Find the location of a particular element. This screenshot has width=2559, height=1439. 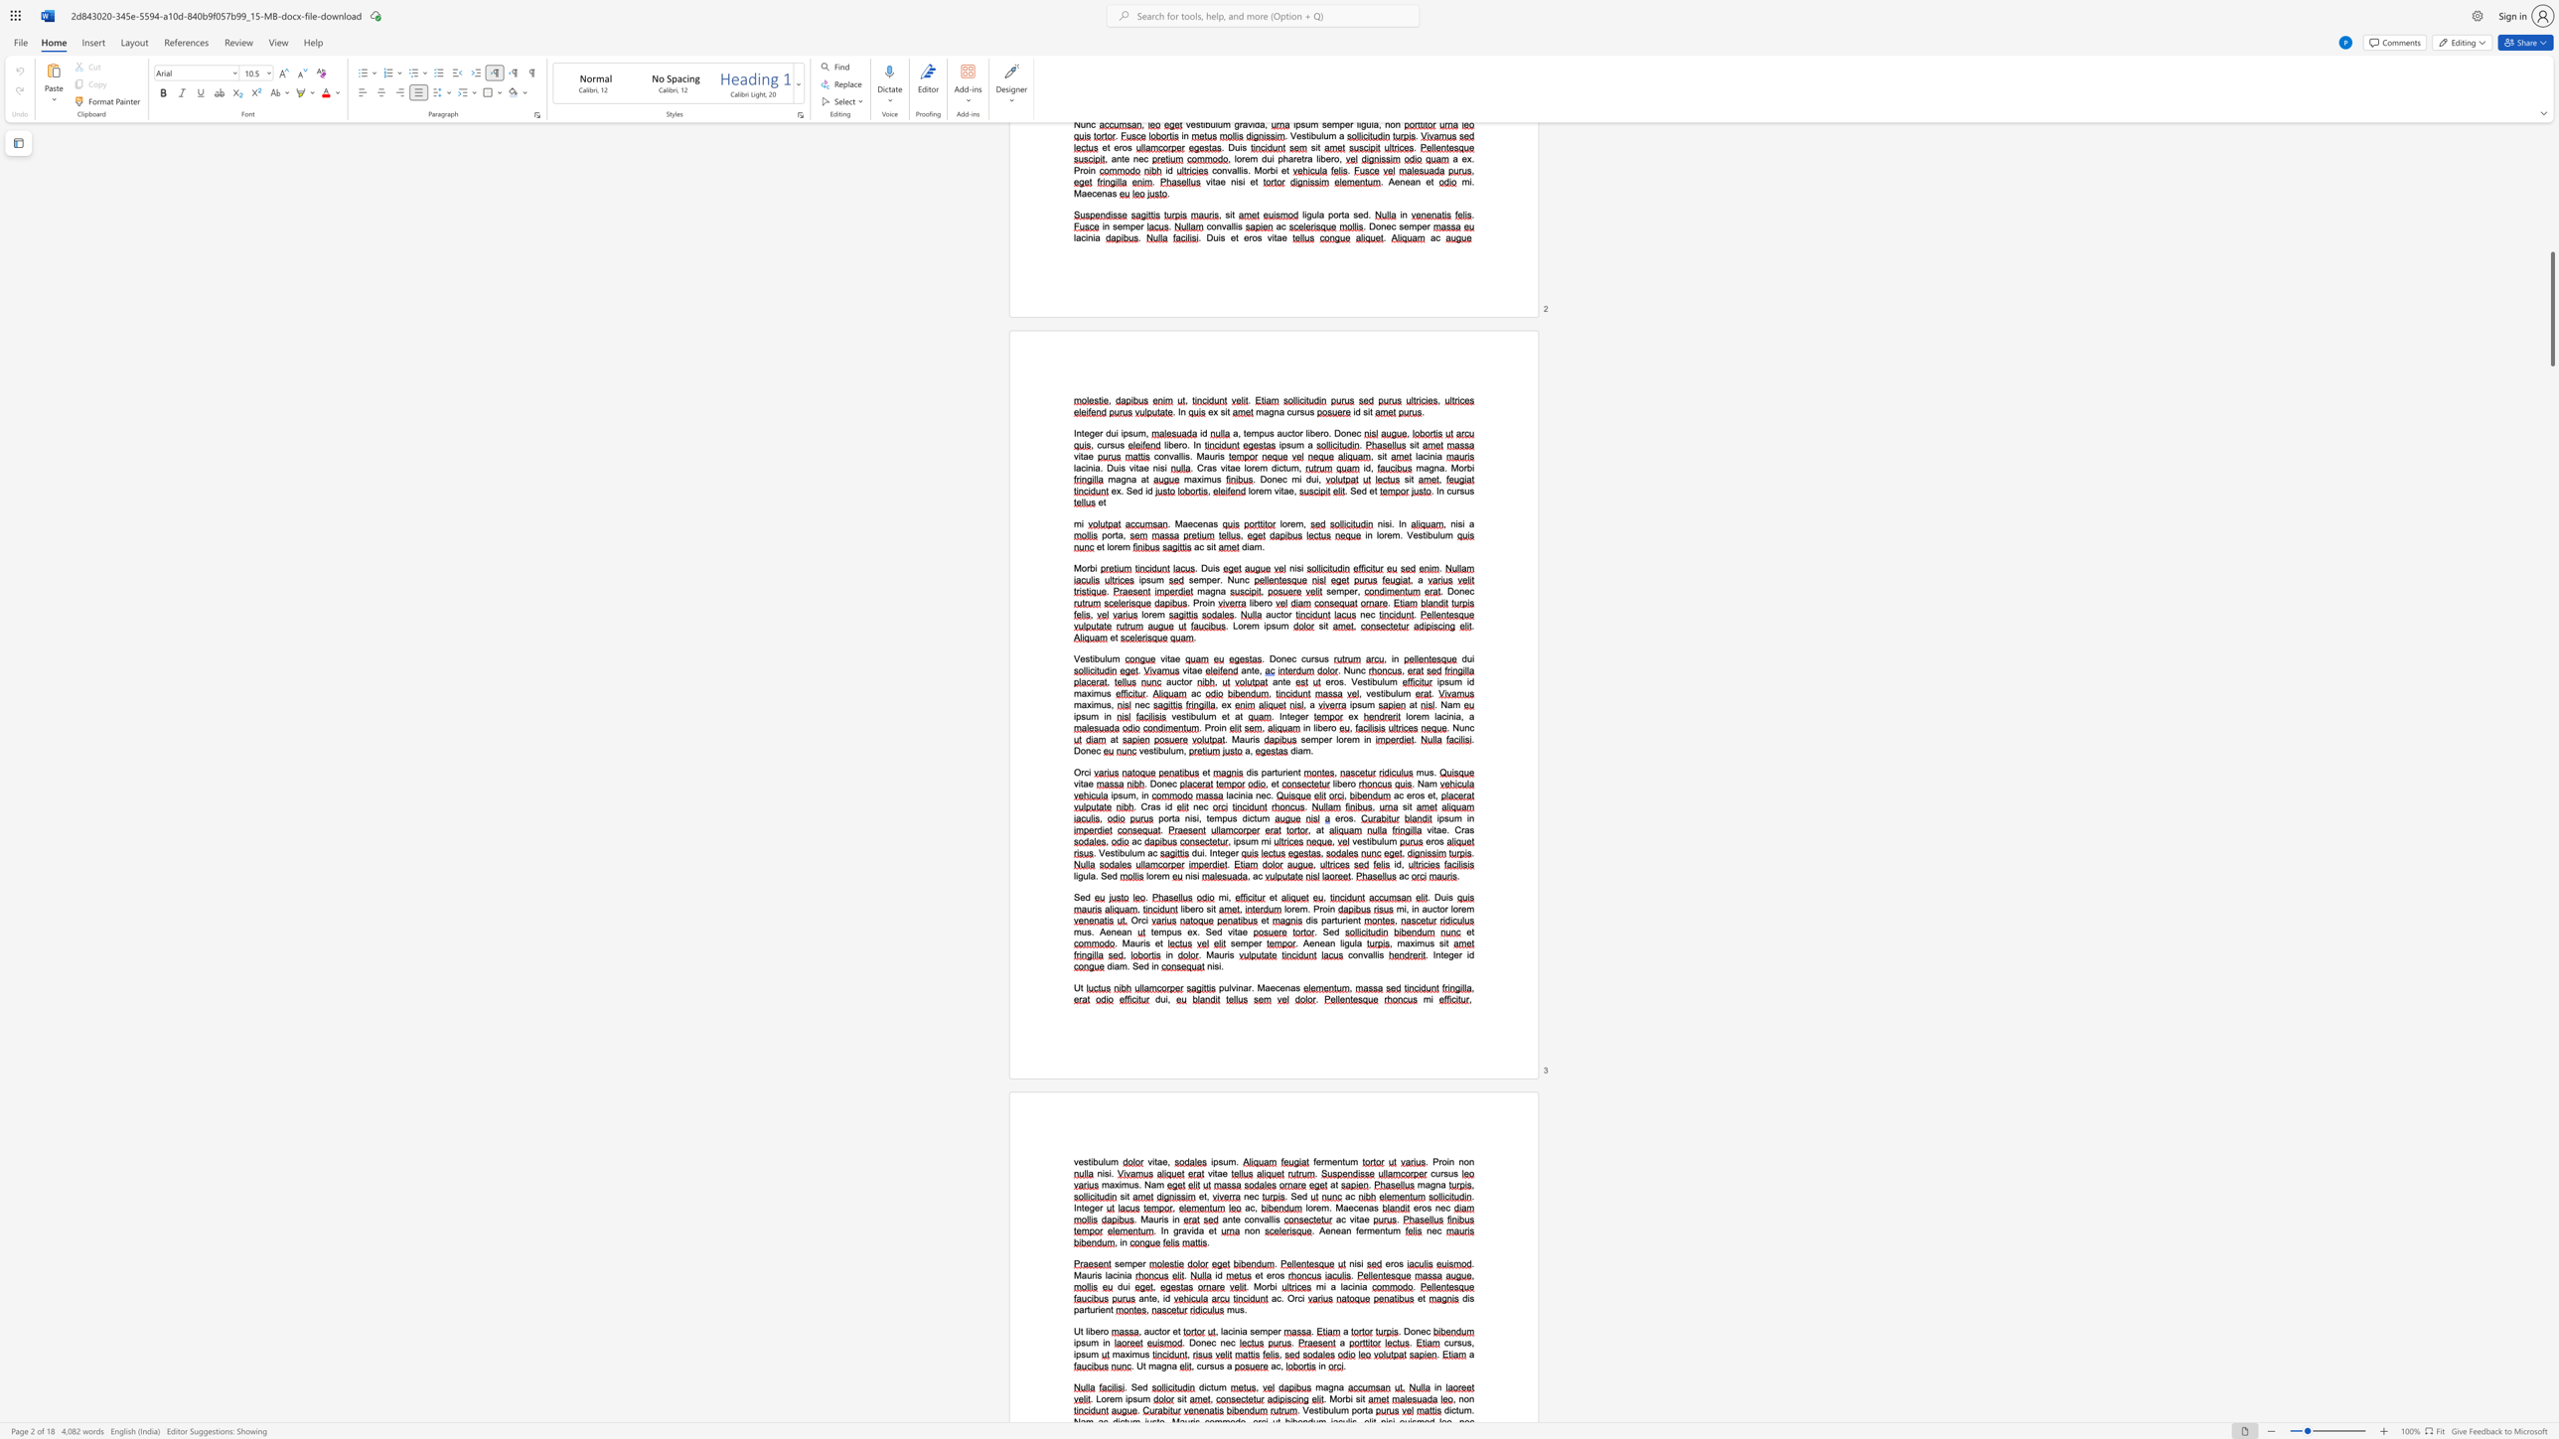

the space between the continuous character "u" and "r" in the text is located at coordinates (1157, 1219).